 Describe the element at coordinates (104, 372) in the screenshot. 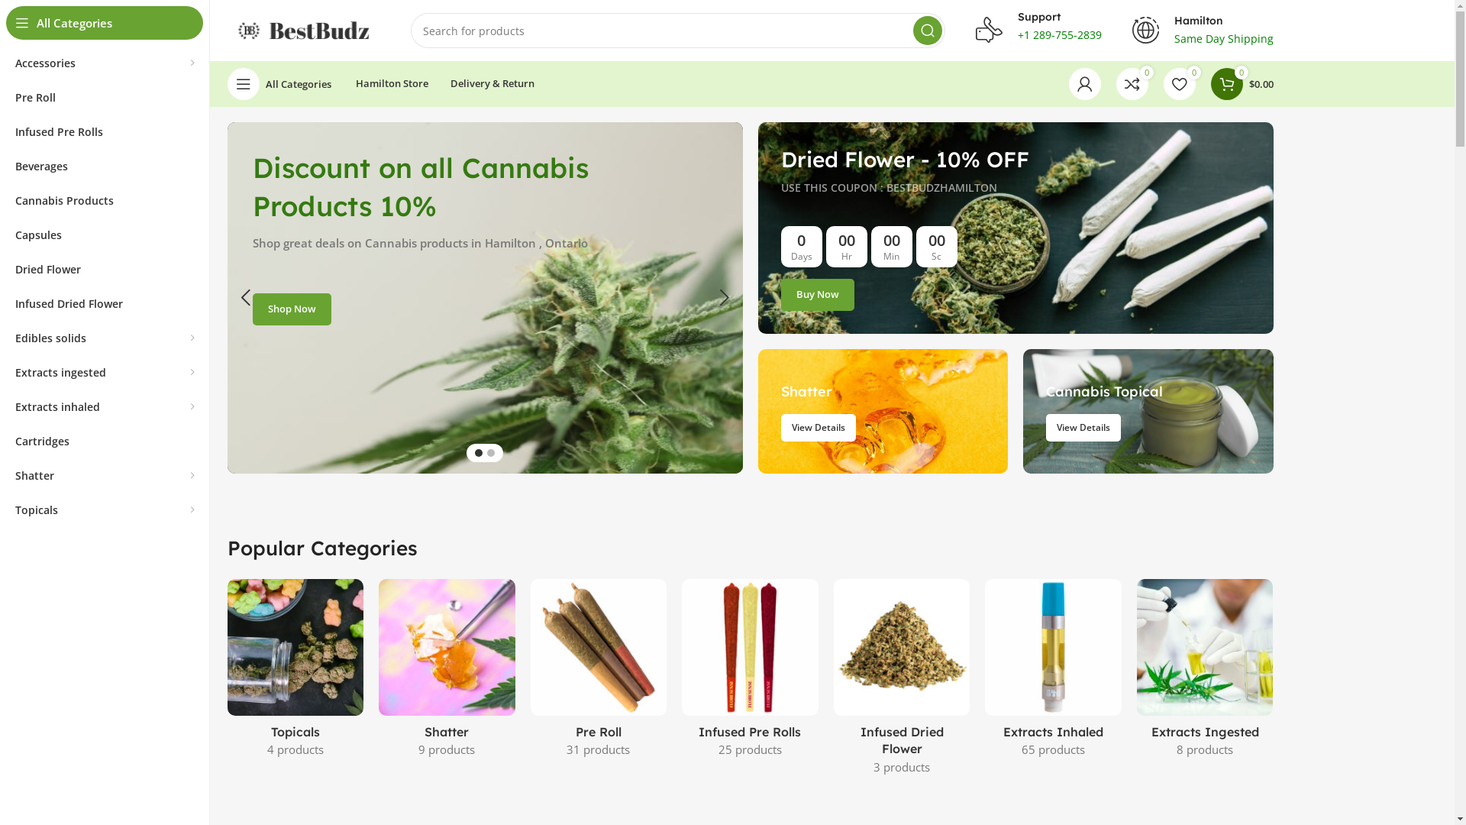

I see `'Extracts ingested'` at that location.